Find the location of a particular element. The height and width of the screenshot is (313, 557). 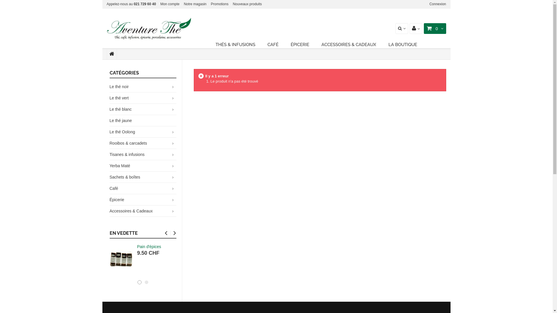

'Connexion' is located at coordinates (437, 4).